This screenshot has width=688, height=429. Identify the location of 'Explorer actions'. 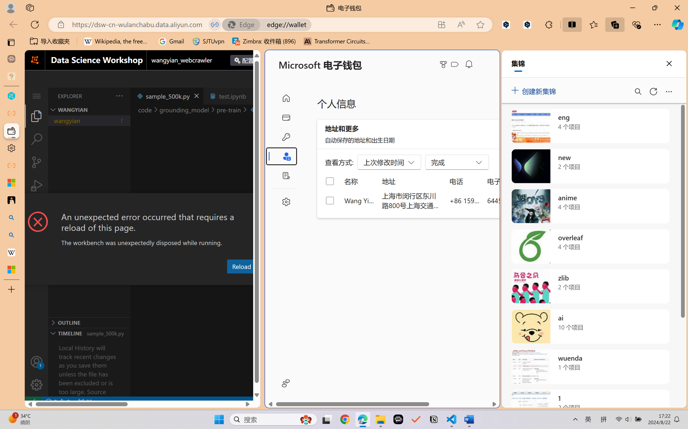
(105, 96).